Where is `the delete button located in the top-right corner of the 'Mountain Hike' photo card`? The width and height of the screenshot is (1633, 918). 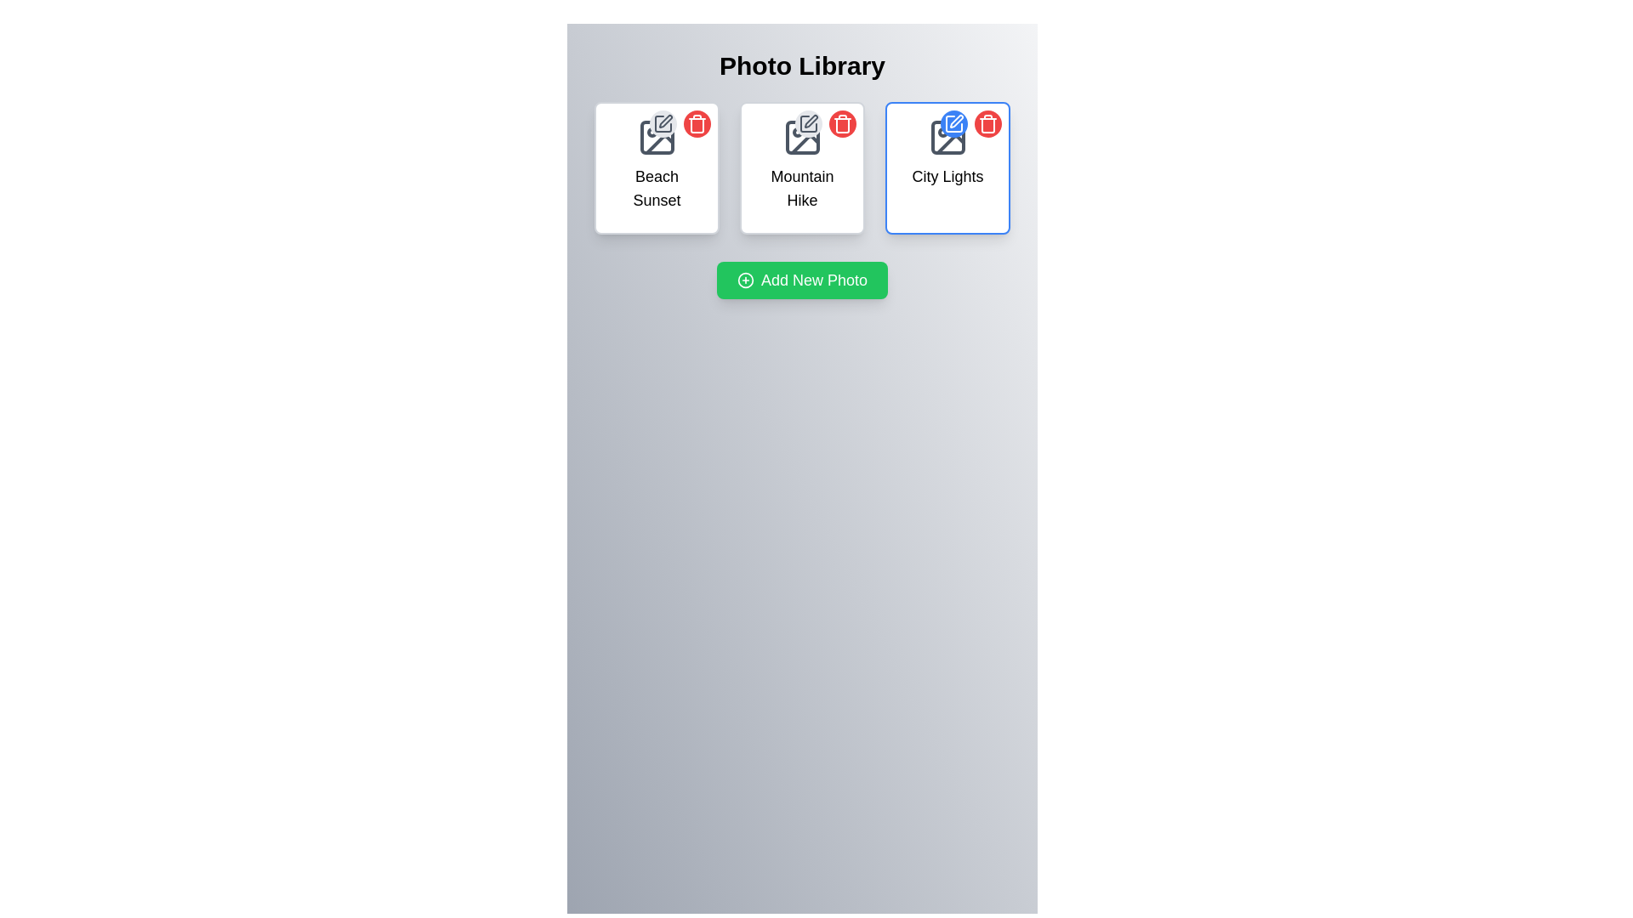 the delete button located in the top-right corner of the 'Mountain Hike' photo card is located at coordinates (842, 123).